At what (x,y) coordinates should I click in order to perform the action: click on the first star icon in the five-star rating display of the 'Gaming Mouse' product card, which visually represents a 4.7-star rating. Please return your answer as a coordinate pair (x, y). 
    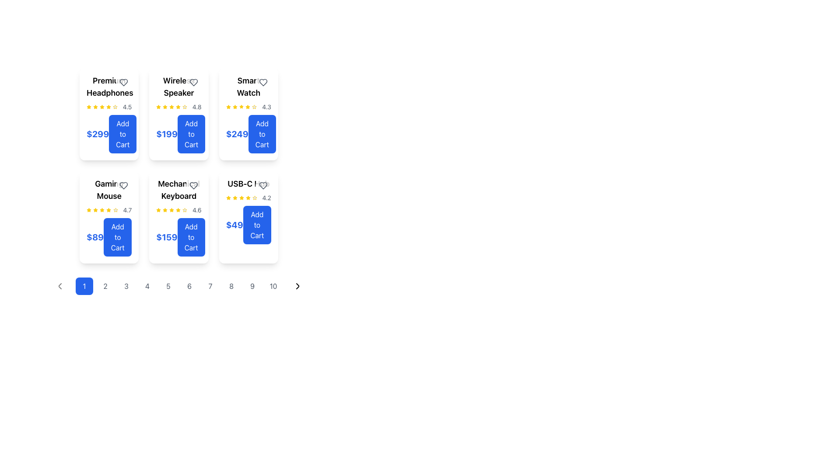
    Looking at the image, I should click on (89, 210).